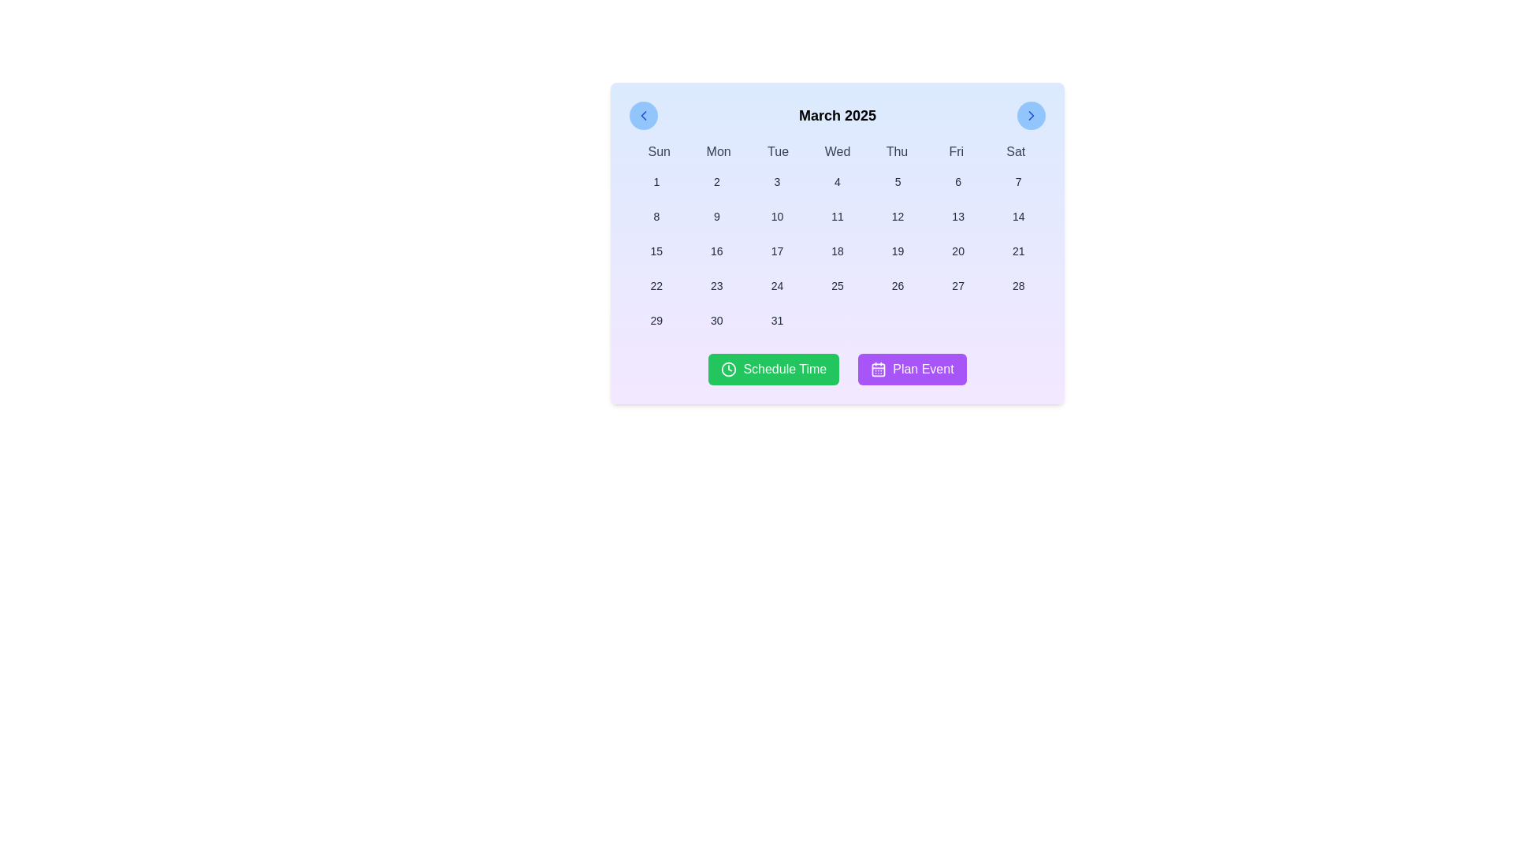 The width and height of the screenshot is (1513, 851). Describe the element at coordinates (957, 251) in the screenshot. I see `the interactive calendar date button representing the date '20'` at that location.